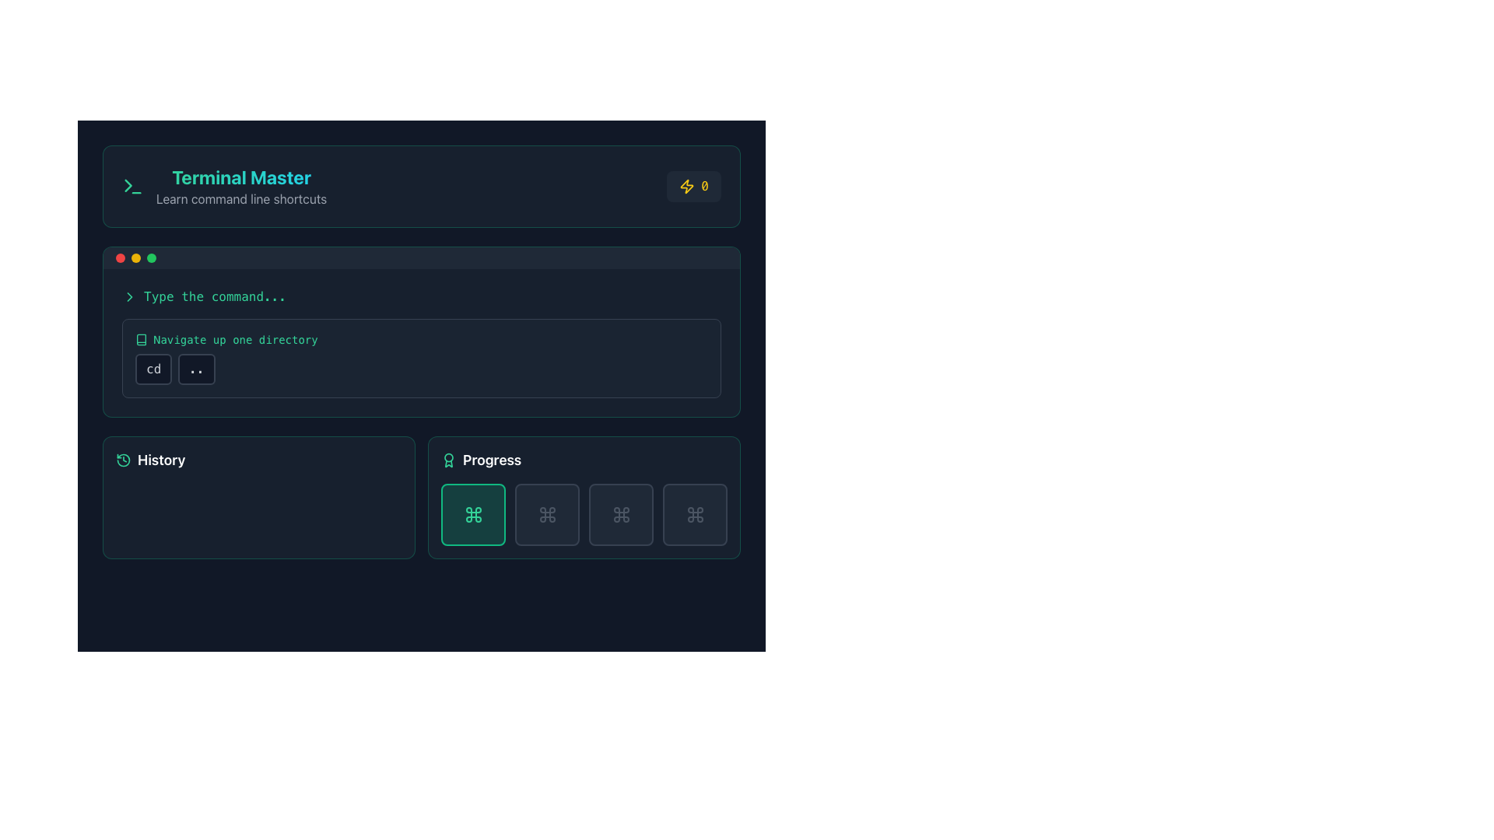 The image size is (1494, 840). I want to click on the label of the Header element located in the bottom-left corner of the interface, which serves as a navigational link to view historical data or past activities, so click(258, 459).